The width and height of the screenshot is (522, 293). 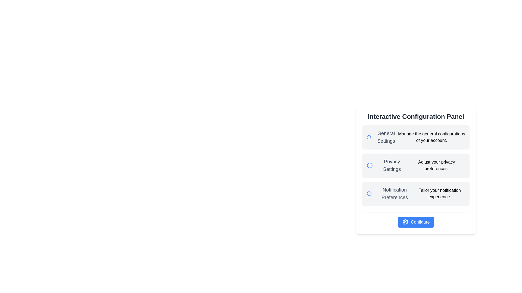 I want to click on the 'General Settings' label in the 'Interactive Configuration Panel', which is the first option in the vertical list of settings, so click(x=386, y=137).